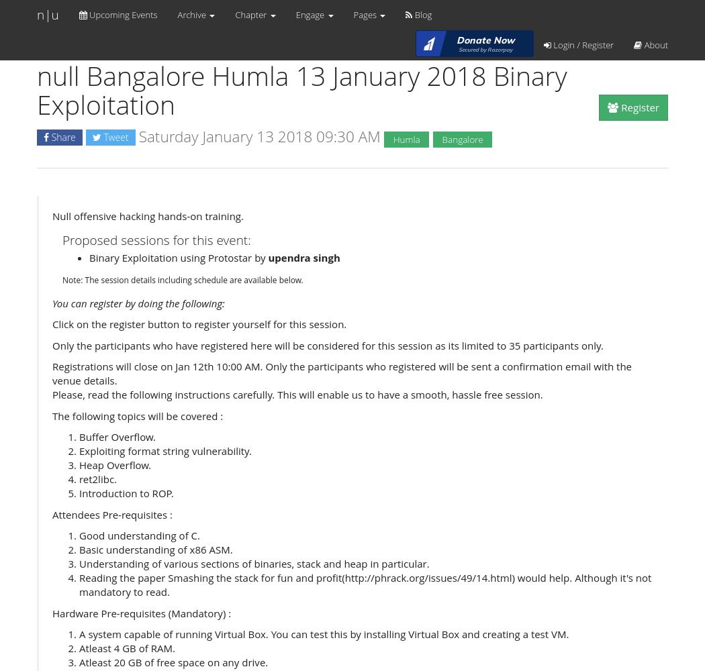 The width and height of the screenshot is (705, 671). Describe the element at coordinates (136, 415) in the screenshot. I see `'The following topics will be covered :'` at that location.